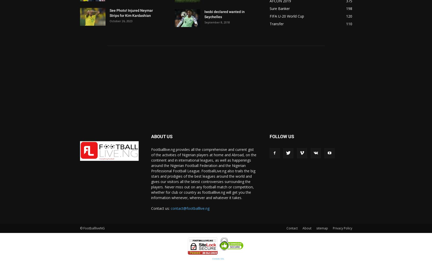 The image size is (432, 261). I want to click on 'Iwobi declared wanted in Seychelles', so click(224, 14).